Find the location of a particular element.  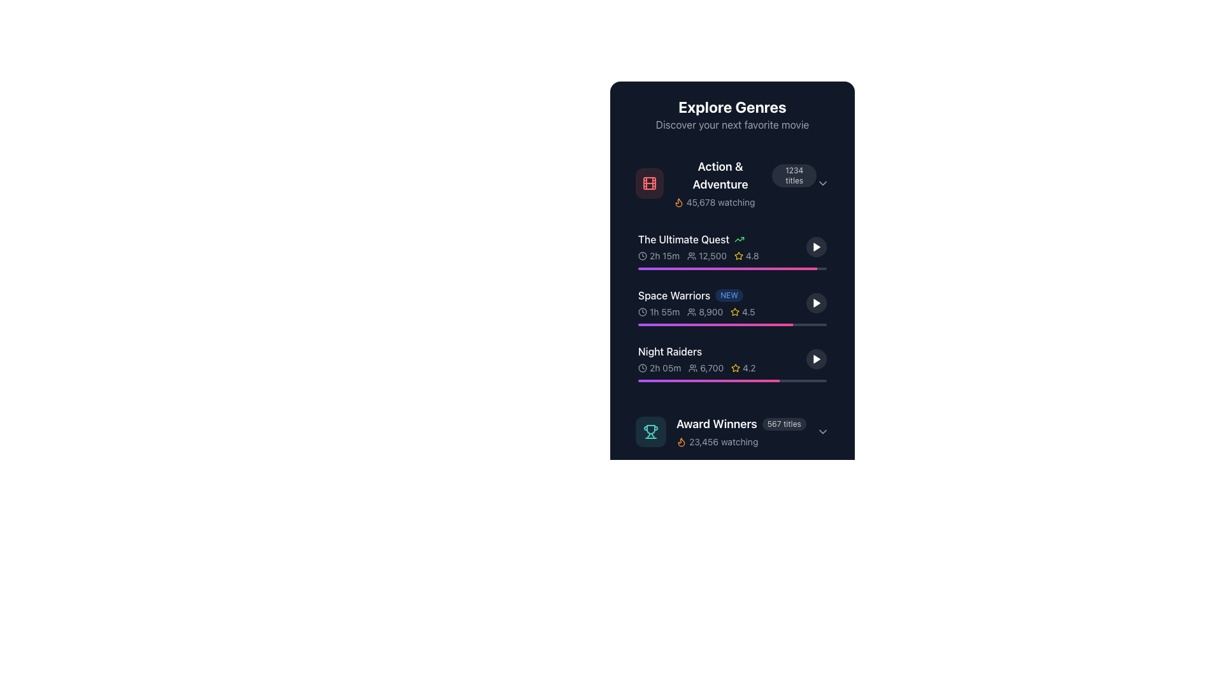

the text '23,456 watching' with the accompanying flame icon in orange, located at the bottom of the 'Award Winners' section is located at coordinates (717, 441).